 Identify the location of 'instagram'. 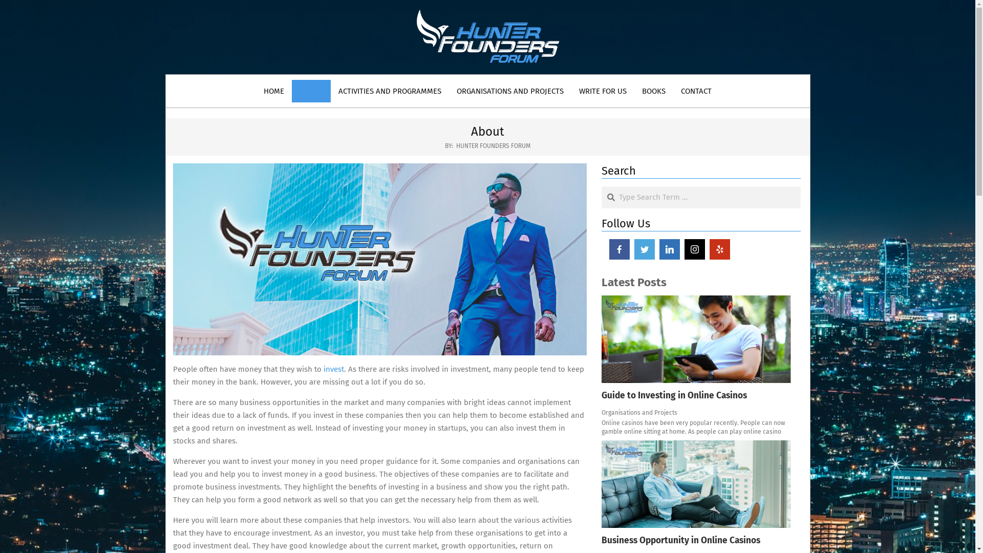
(695, 249).